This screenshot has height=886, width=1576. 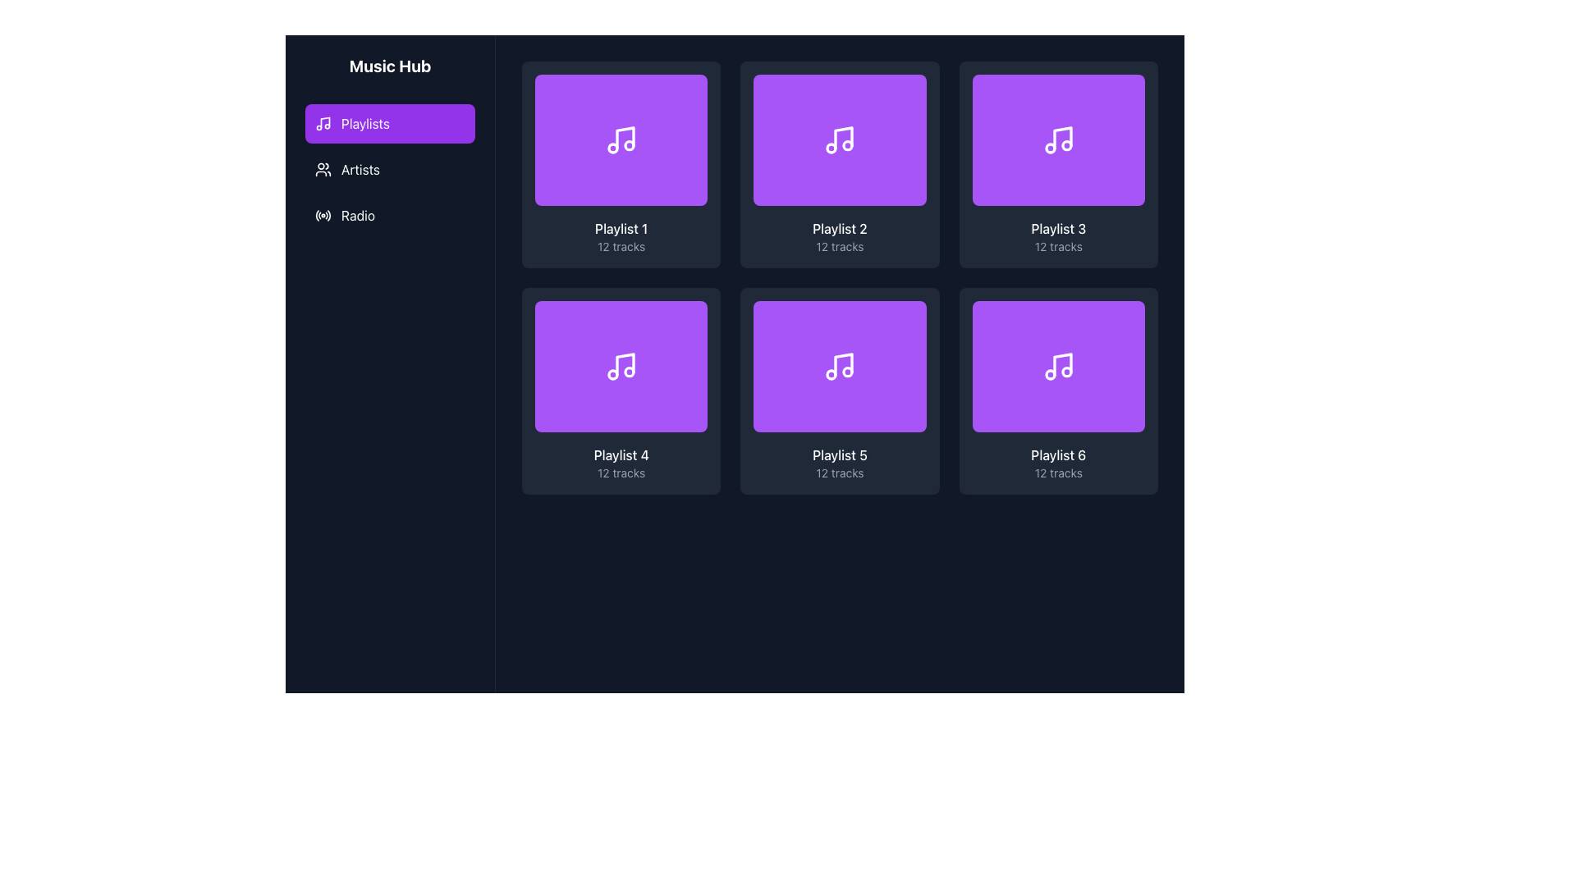 I want to click on the text label indicating the number of tracks in 'Playlist 4', so click(x=621, y=473).